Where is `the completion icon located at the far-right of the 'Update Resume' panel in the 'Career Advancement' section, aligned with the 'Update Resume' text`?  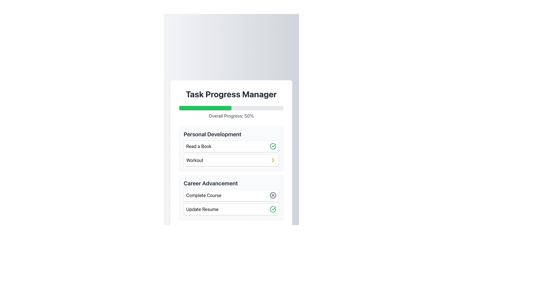
the completion icon located at the far-right of the 'Update Resume' panel in the 'Career Advancement' section, aligned with the 'Update Resume' text is located at coordinates (273, 209).